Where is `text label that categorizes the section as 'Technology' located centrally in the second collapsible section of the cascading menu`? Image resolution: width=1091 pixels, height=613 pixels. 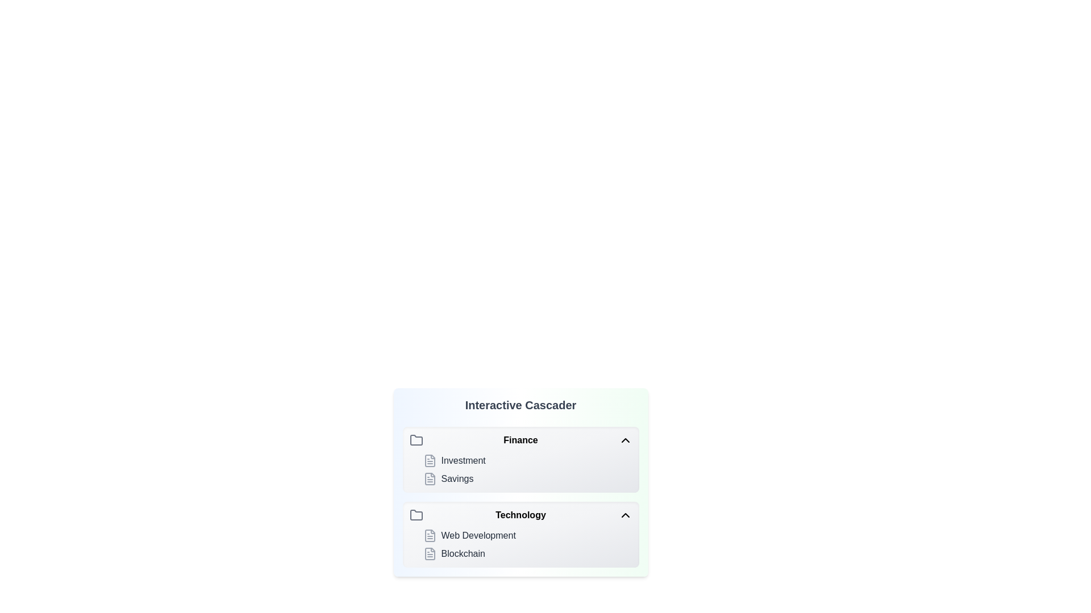 text label that categorizes the section as 'Technology' located centrally in the second collapsible section of the cascading menu is located at coordinates (520, 515).